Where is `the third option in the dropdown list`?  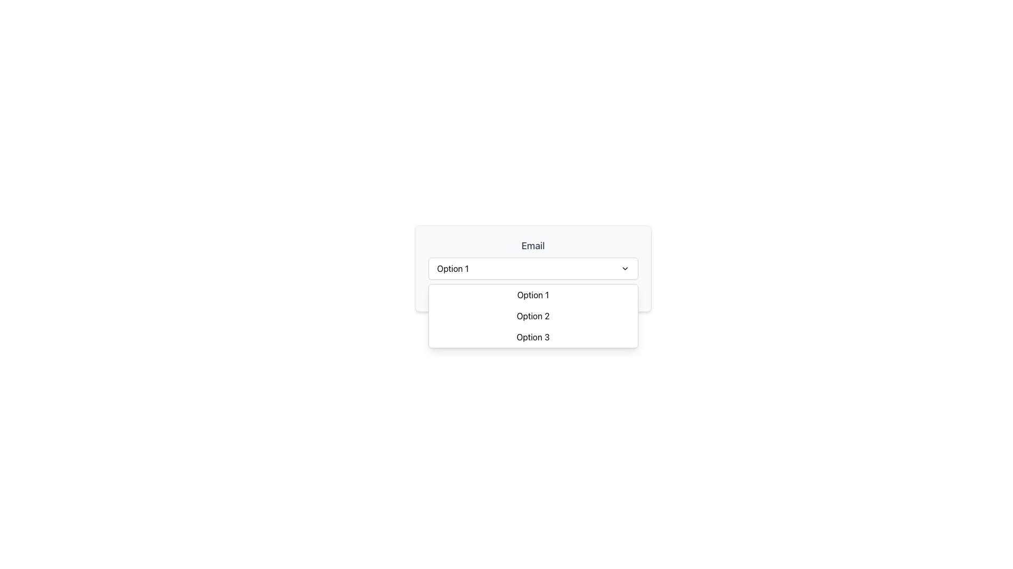
the third option in the dropdown list is located at coordinates (533, 337).